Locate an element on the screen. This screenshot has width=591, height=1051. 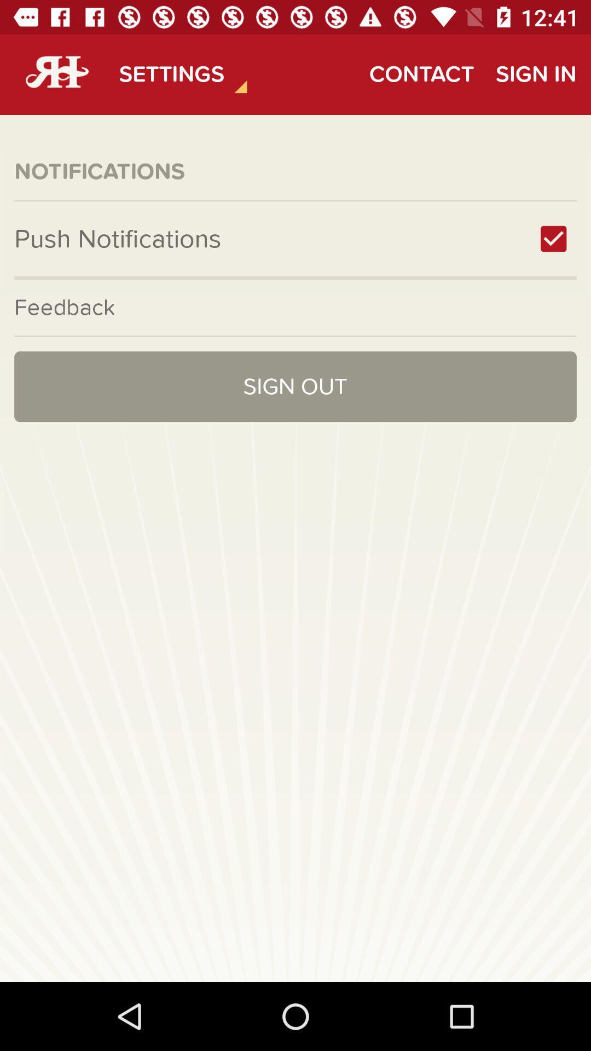
item to the left of the sign in item is located at coordinates (421, 74).